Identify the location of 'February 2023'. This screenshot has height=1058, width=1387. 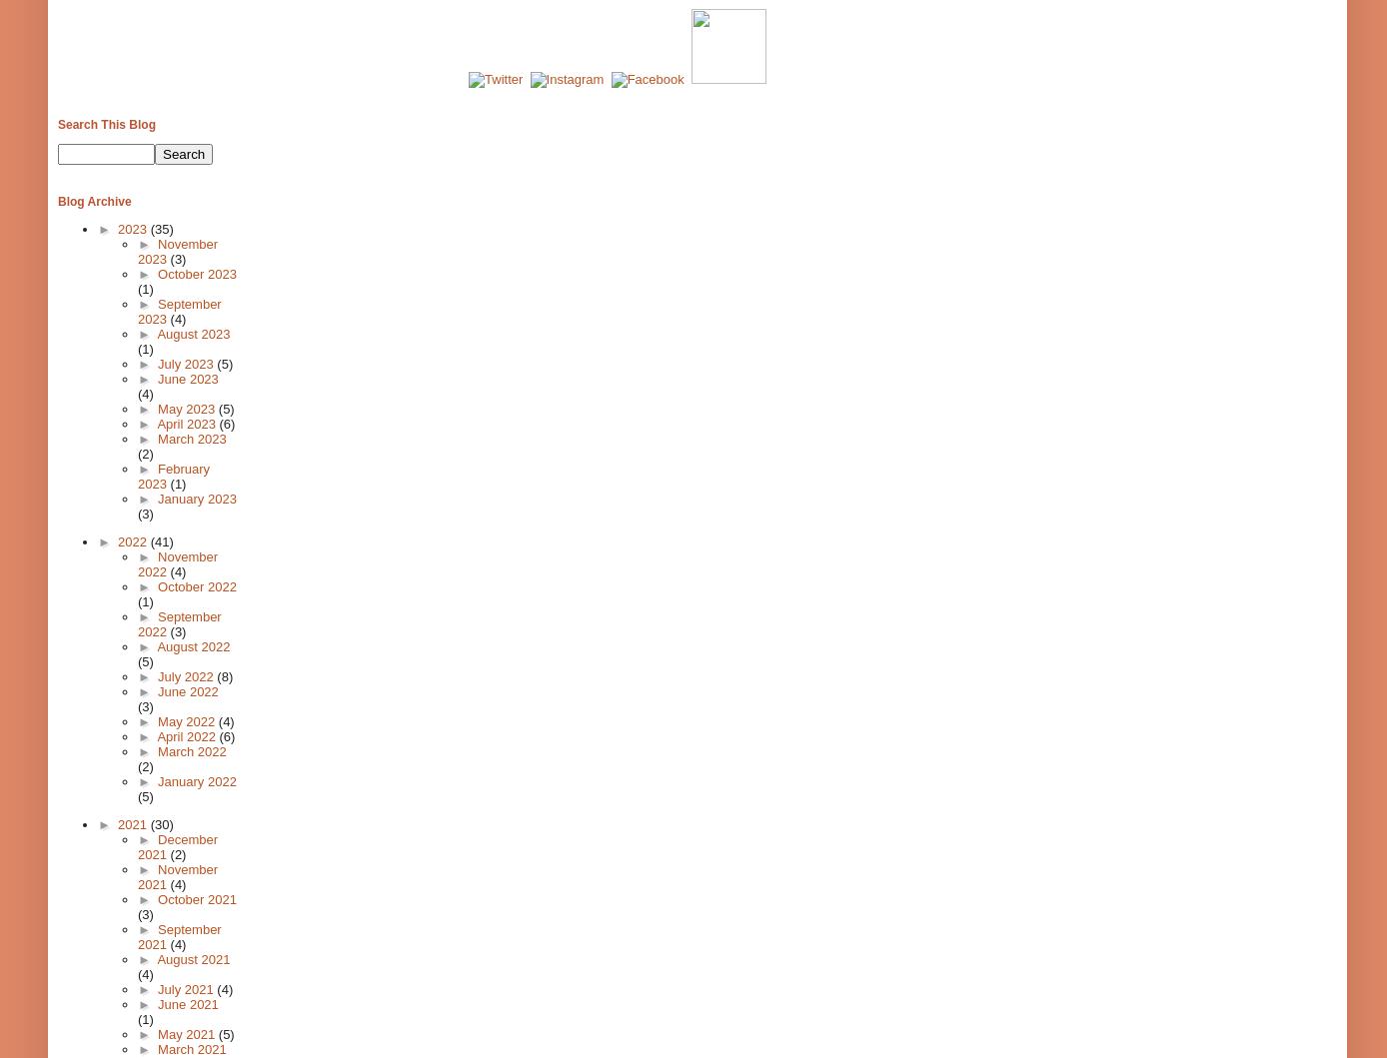
(137, 476).